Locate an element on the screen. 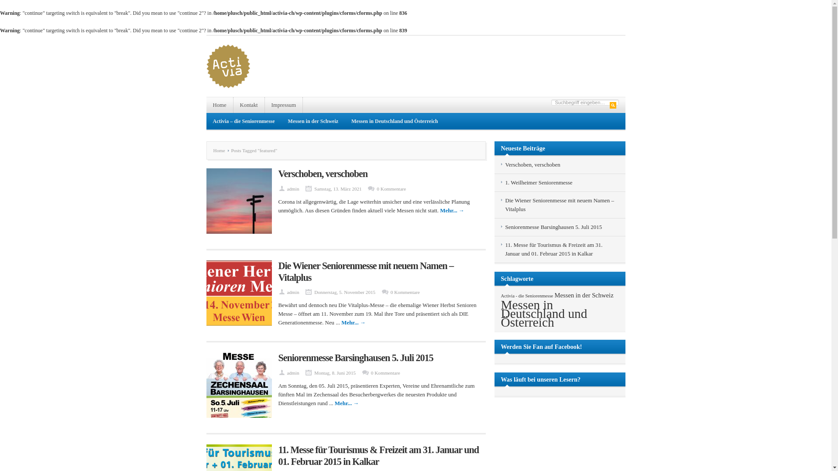 Image resolution: width=838 pixels, height=471 pixels. 'Verschoben, verschoben' is located at coordinates (532, 164).